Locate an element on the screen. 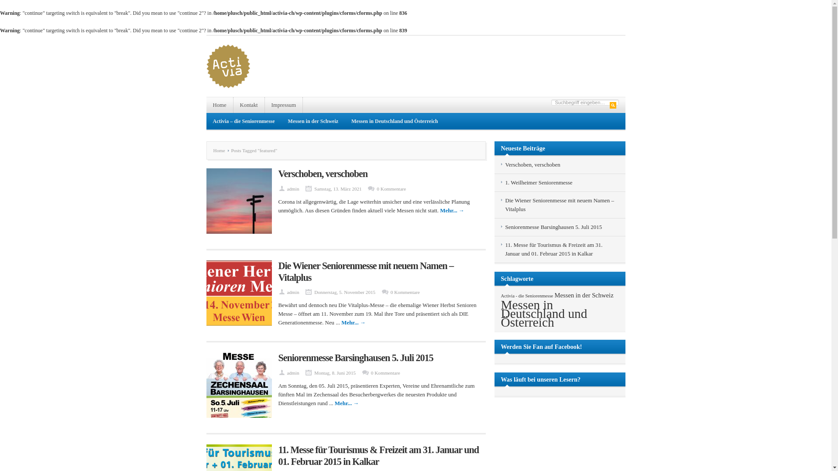 Image resolution: width=838 pixels, height=471 pixels. 'Verschoben, verschoben' is located at coordinates (532, 164).